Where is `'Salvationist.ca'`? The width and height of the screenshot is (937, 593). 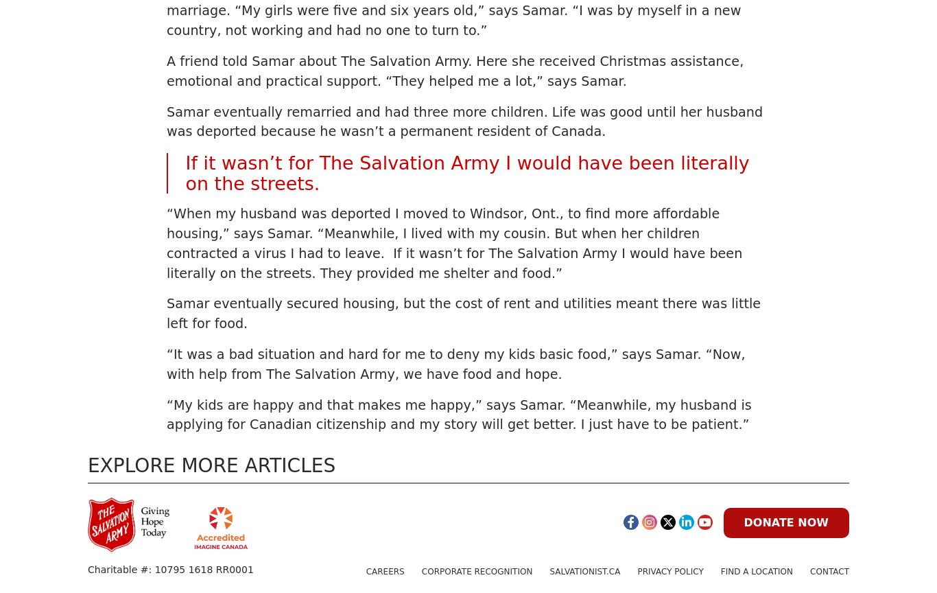 'Salvationist.ca' is located at coordinates (549, 570).